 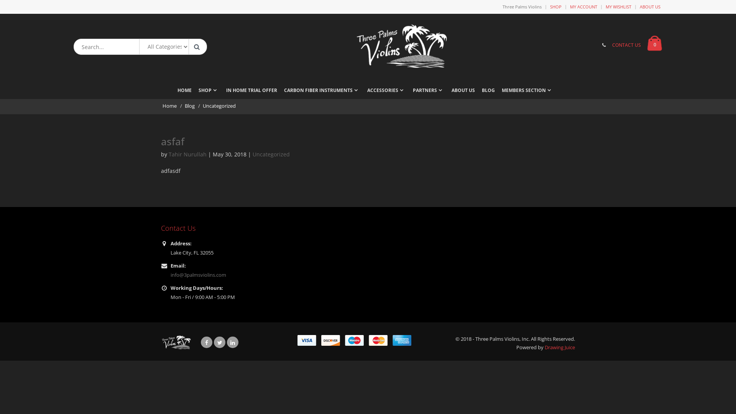 I want to click on 'MEMBERS SECTION', so click(x=527, y=92).